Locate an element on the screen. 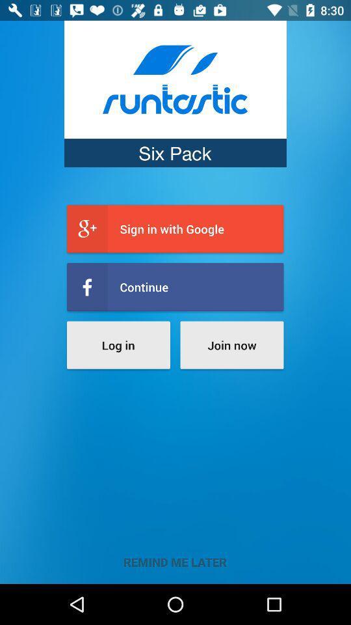 The width and height of the screenshot is (351, 625). the log in is located at coordinates (118, 344).